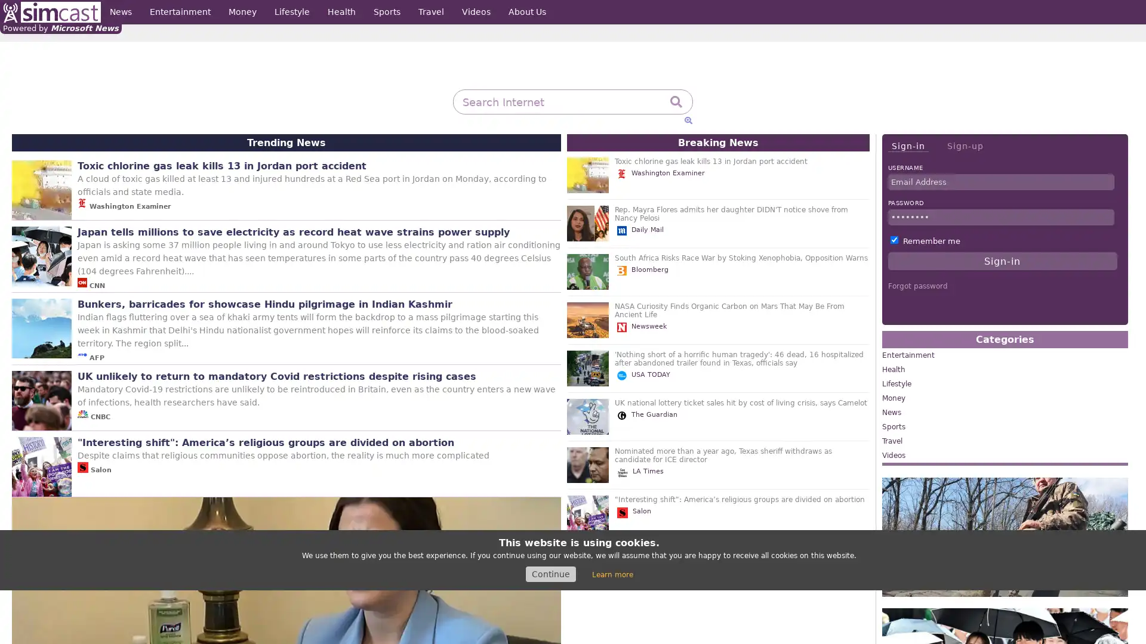 This screenshot has height=644, width=1146. Describe the element at coordinates (965, 145) in the screenshot. I see `Sign-up` at that location.